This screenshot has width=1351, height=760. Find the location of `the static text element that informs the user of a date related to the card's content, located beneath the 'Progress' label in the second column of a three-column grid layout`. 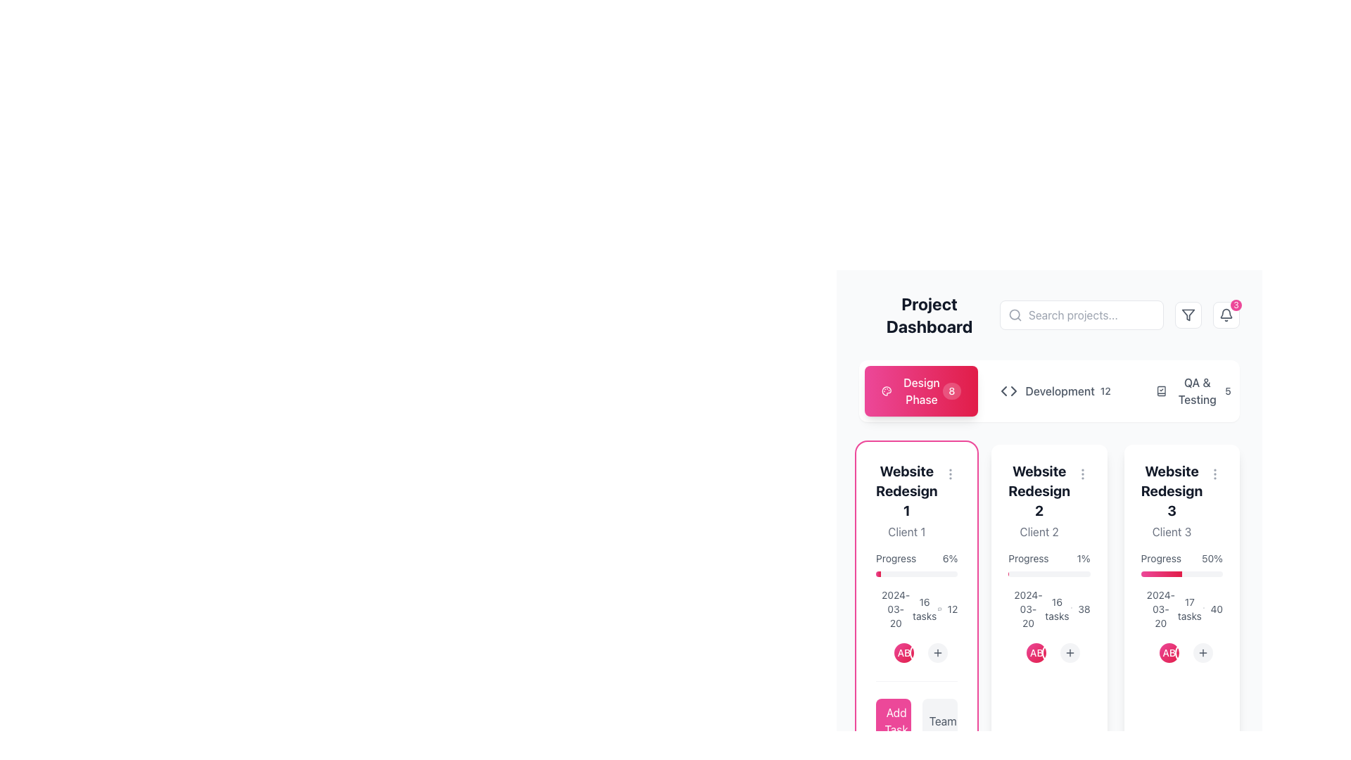

the static text element that informs the user of a date related to the card's content, located beneath the 'Progress' label in the second column of a three-column grid layout is located at coordinates (1018, 609).